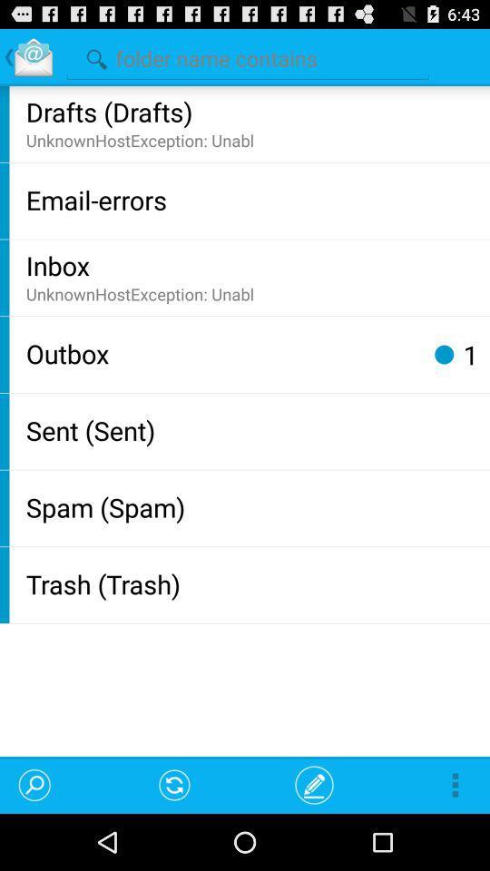 The width and height of the screenshot is (490, 871). Describe the element at coordinates (247, 55) in the screenshot. I see `search folder names` at that location.